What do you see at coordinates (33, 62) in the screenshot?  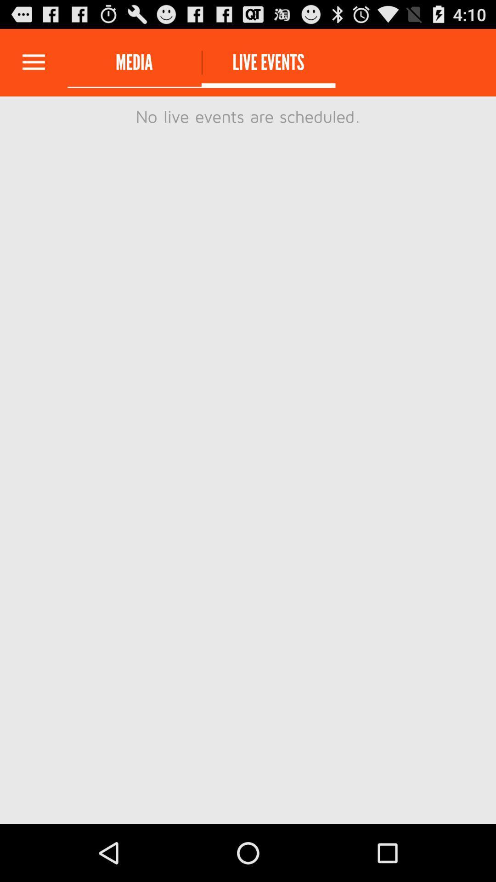 I see `settings the any one option` at bounding box center [33, 62].